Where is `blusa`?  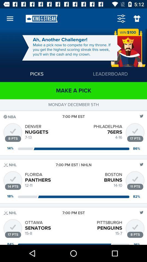
blusa is located at coordinates (137, 19).